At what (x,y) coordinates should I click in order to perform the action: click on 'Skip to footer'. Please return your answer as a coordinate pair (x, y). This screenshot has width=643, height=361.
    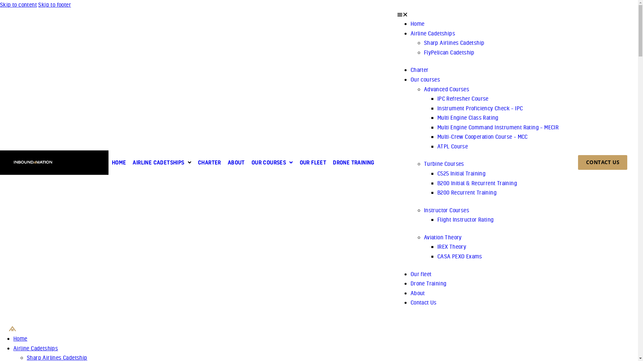
    Looking at the image, I should click on (55, 4).